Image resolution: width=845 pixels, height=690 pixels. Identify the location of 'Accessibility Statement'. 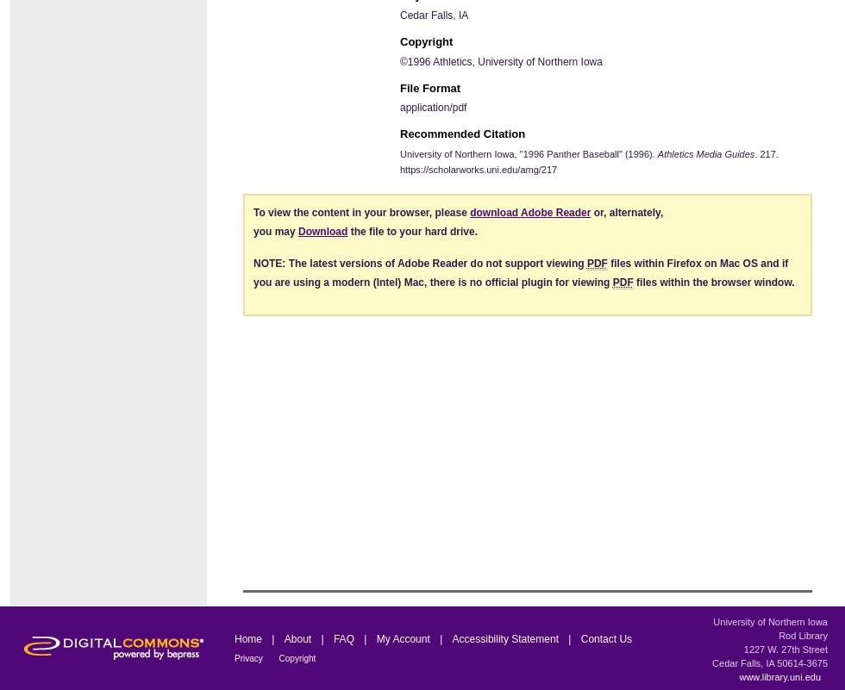
(506, 638).